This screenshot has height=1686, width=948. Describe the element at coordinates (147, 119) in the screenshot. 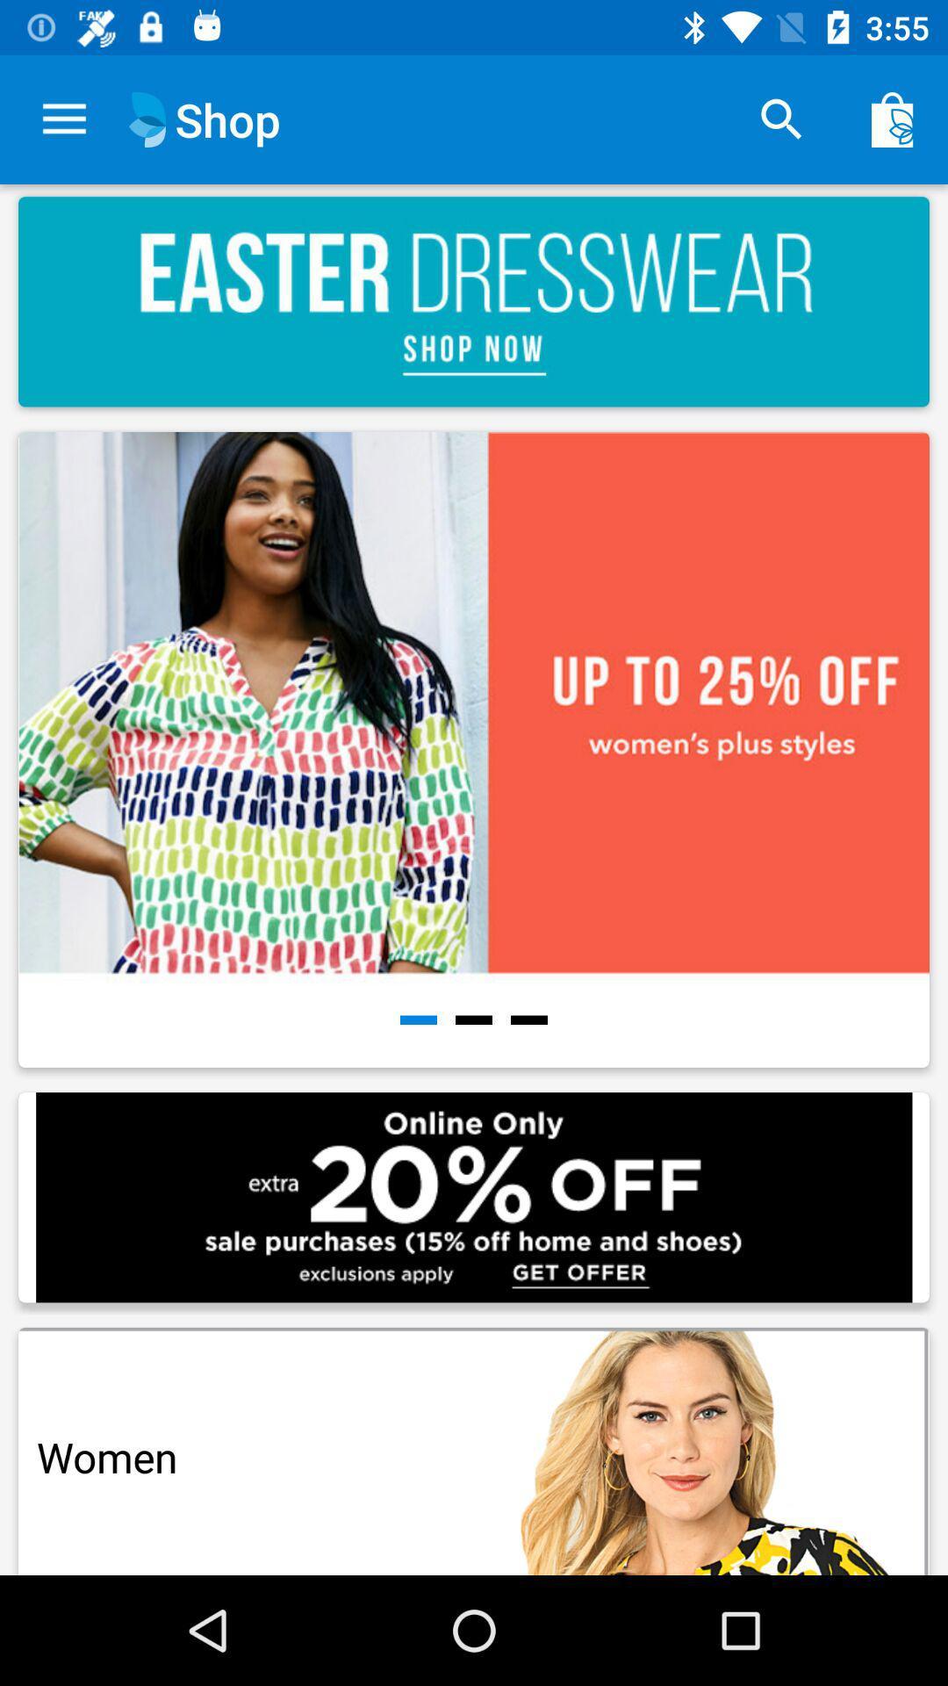

I see `the icon which is just beside the shop` at that location.